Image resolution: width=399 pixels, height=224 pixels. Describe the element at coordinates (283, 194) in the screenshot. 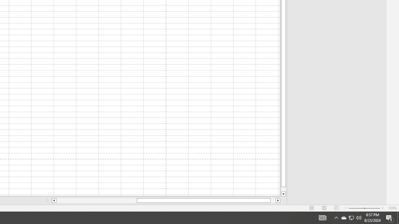

I see `'Line down'` at that location.